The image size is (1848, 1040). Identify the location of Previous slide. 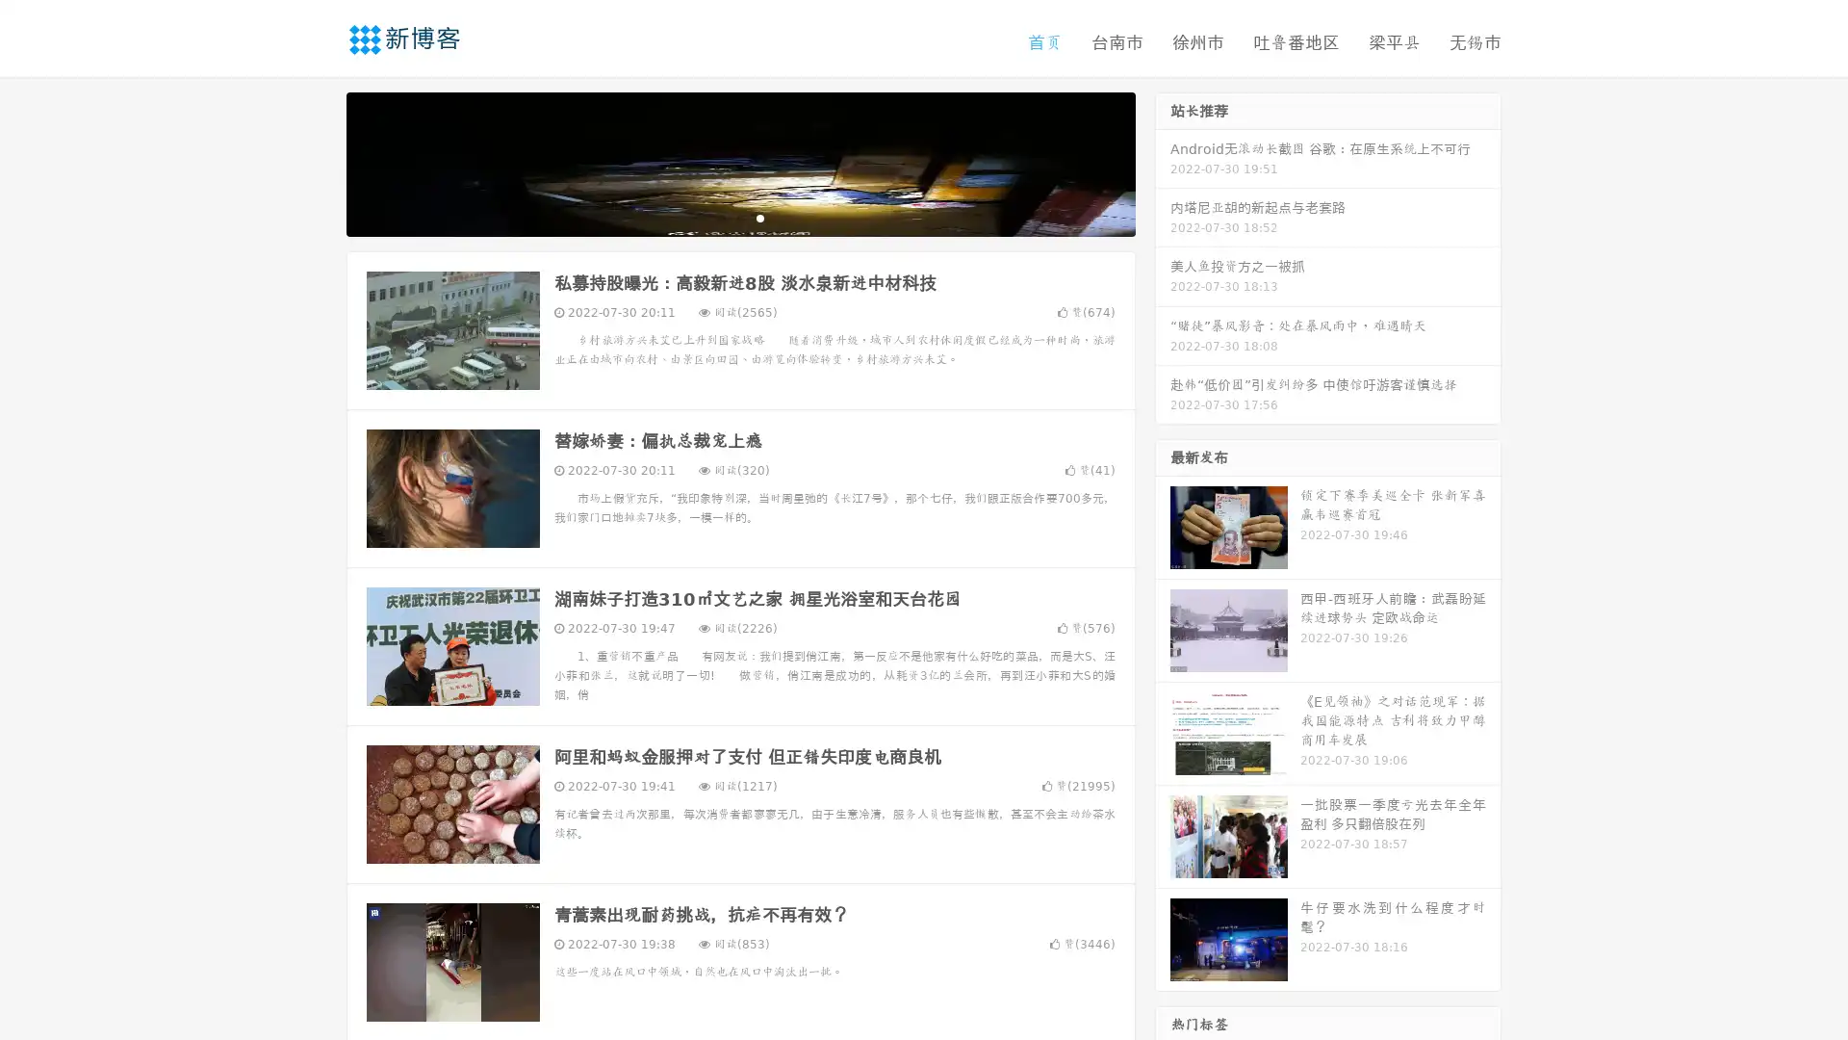
(318, 162).